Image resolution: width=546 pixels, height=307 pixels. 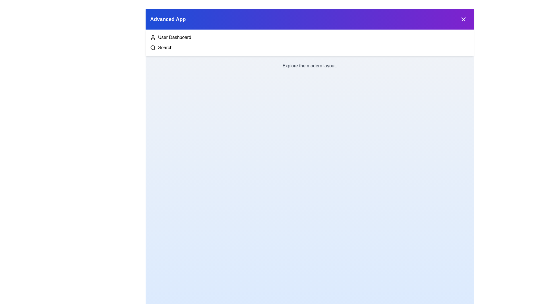 What do you see at coordinates (464, 19) in the screenshot?
I see `the menu button to observe hover effects` at bounding box center [464, 19].